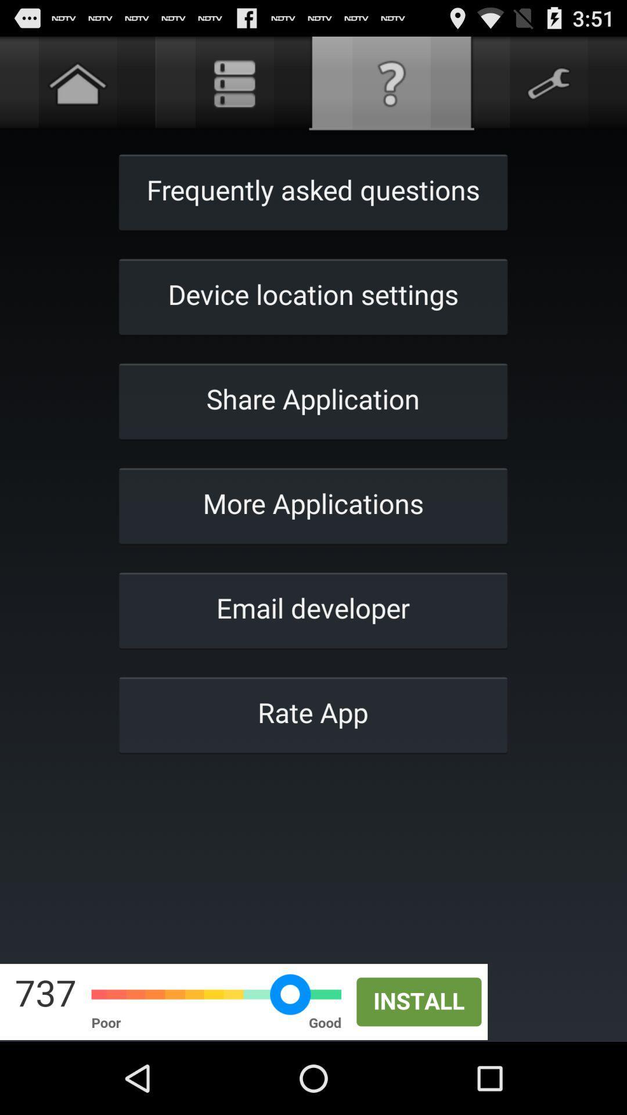 This screenshot has height=1115, width=627. Describe the element at coordinates (313, 1001) in the screenshot. I see `install a advertisement app` at that location.